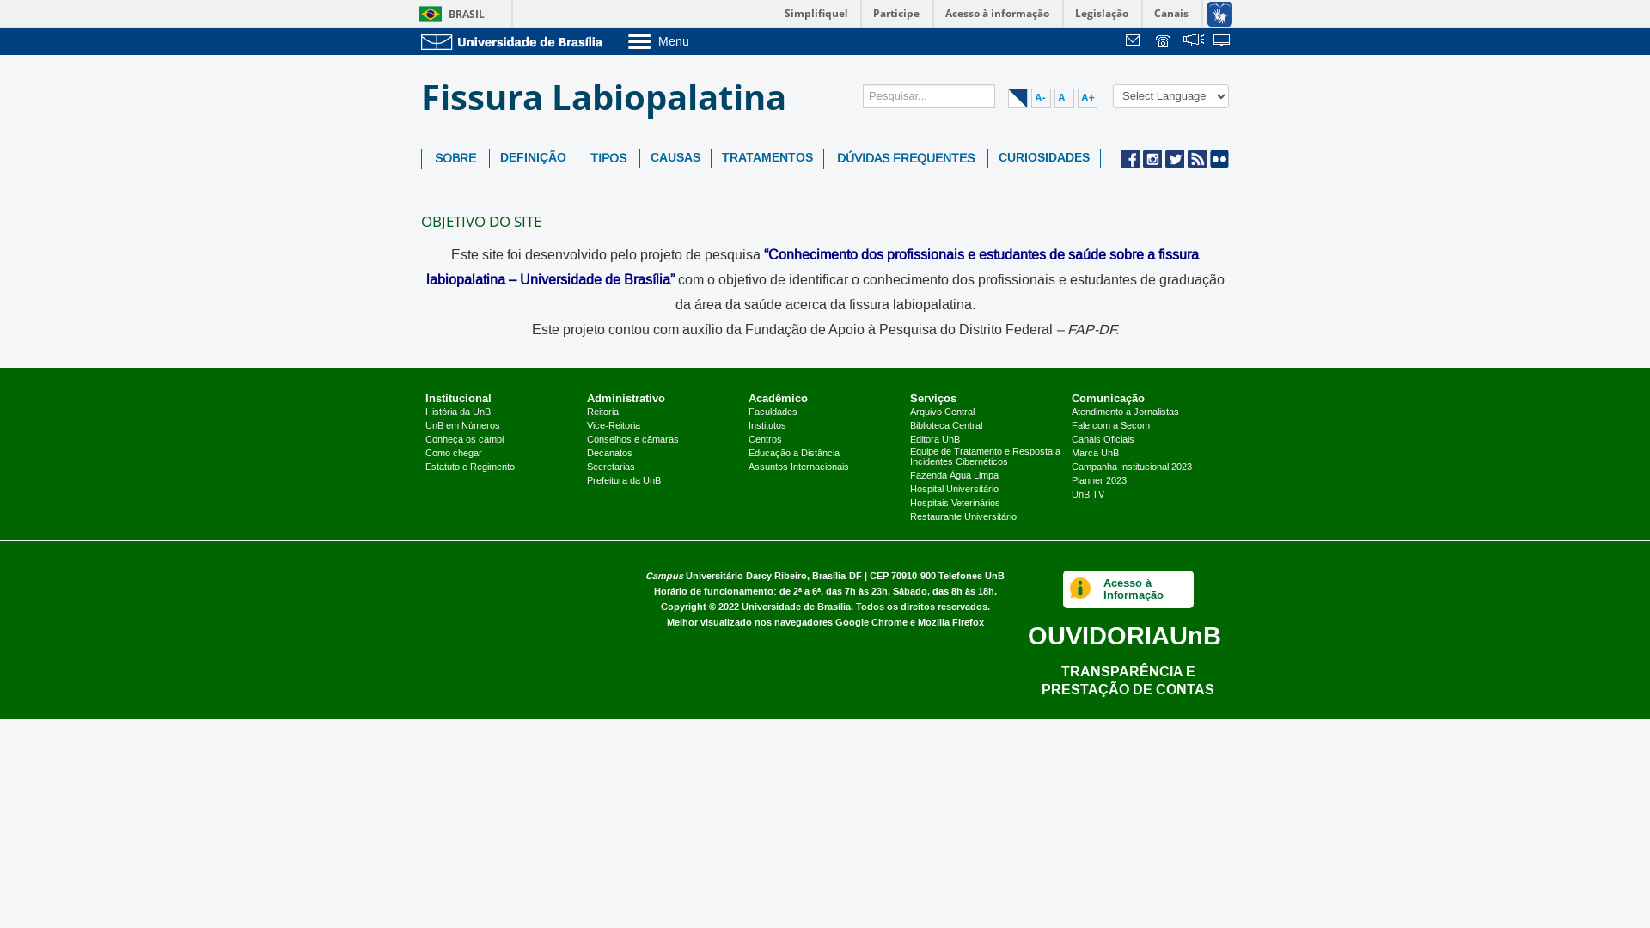  Describe the element at coordinates (1042, 158) in the screenshot. I see `'CURIOSIDADES'` at that location.